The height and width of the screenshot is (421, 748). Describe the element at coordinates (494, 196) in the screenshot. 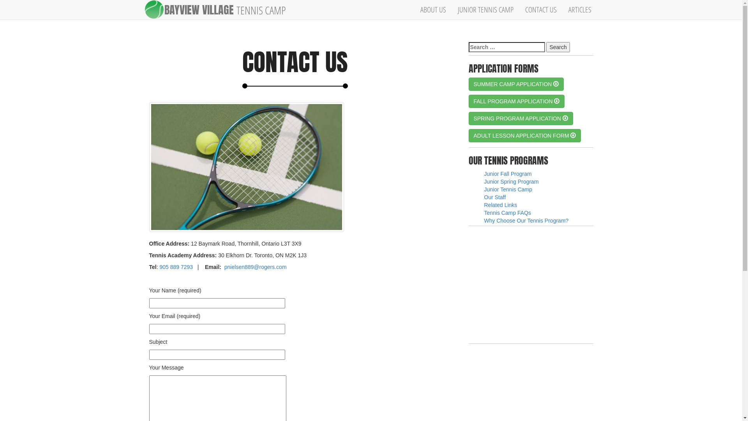

I see `'Our Staff'` at that location.